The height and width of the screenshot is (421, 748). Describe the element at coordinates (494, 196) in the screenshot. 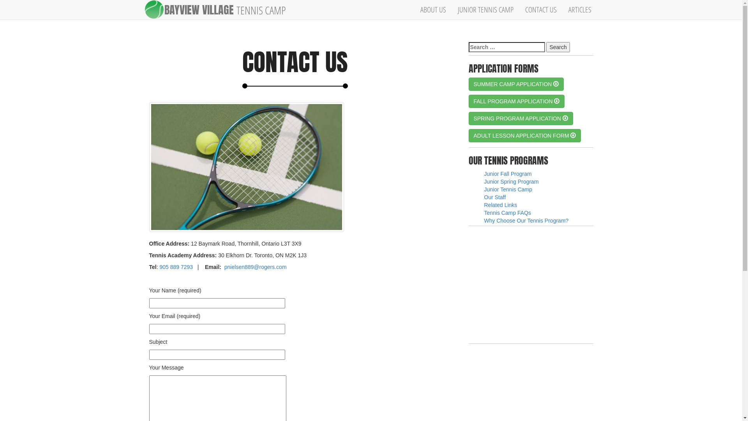

I see `'Our Staff'` at that location.